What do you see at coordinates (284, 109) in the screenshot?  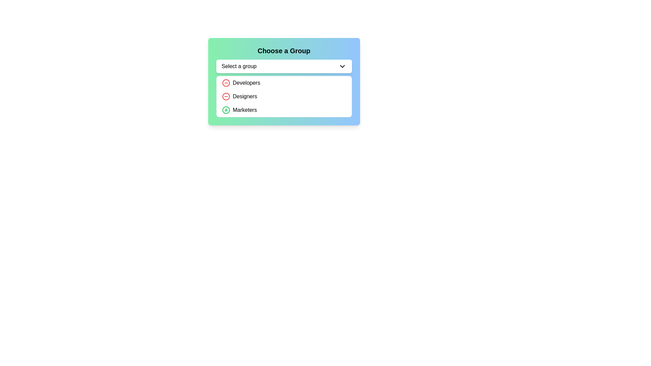 I see `the third selectable option in the 'Choose a Group' list labeled 'Marketers'` at bounding box center [284, 109].